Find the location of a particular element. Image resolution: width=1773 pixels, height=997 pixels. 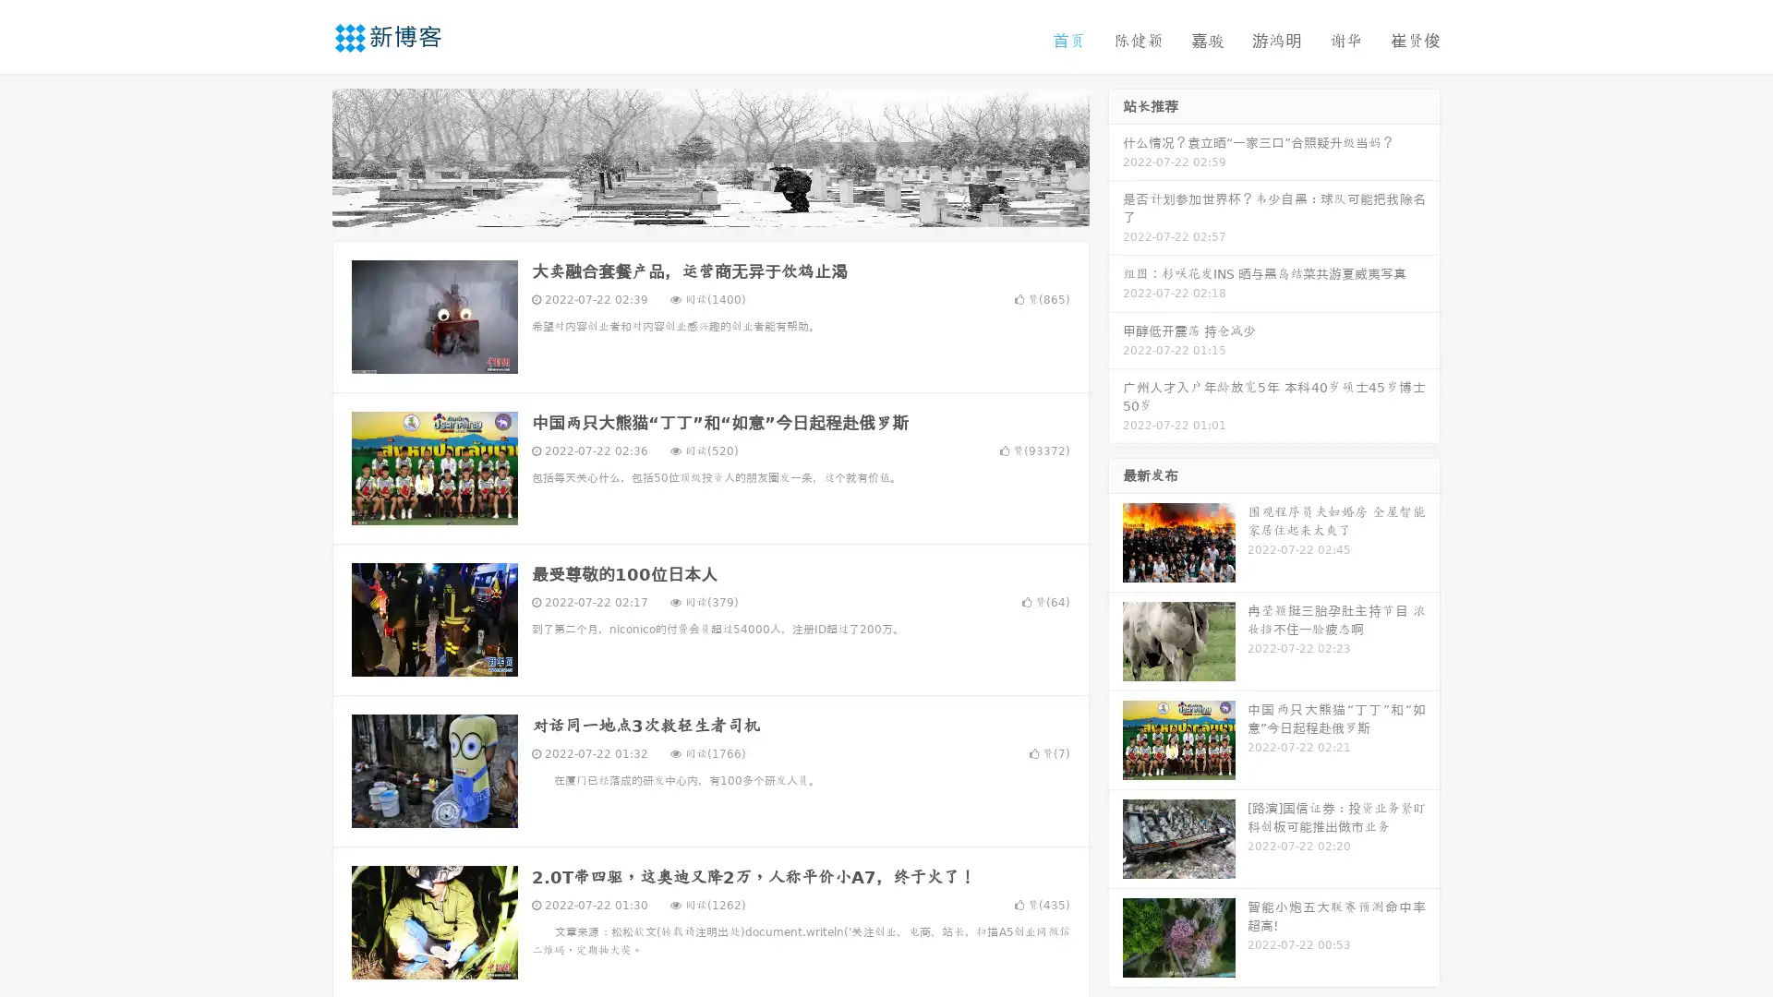

Go to slide 1 is located at coordinates (691, 208).